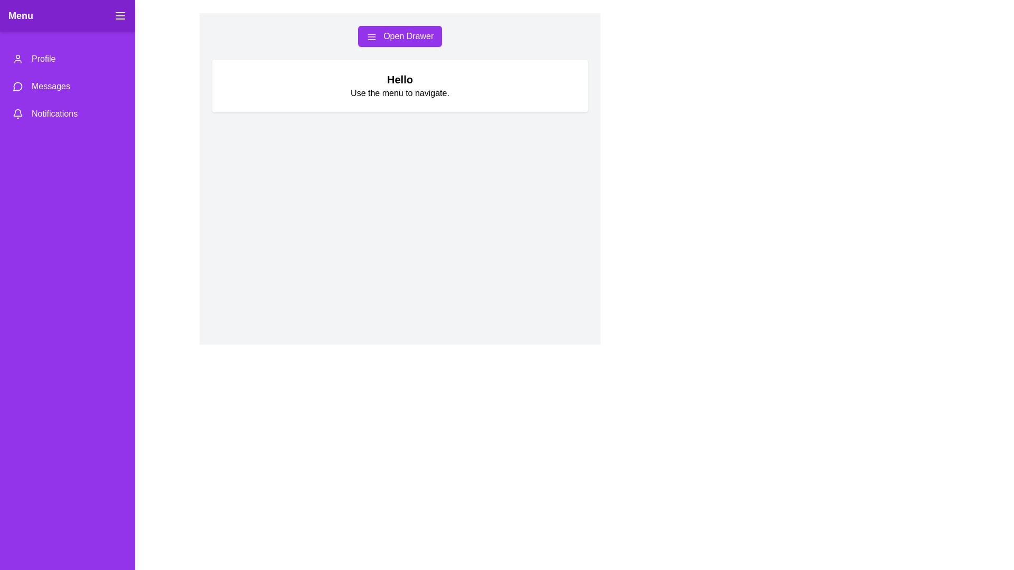 The width and height of the screenshot is (1014, 570). I want to click on the 'Messages' icon located in the left-hand navigation bar, which serves as a visual indicator for messaging features, so click(17, 86).